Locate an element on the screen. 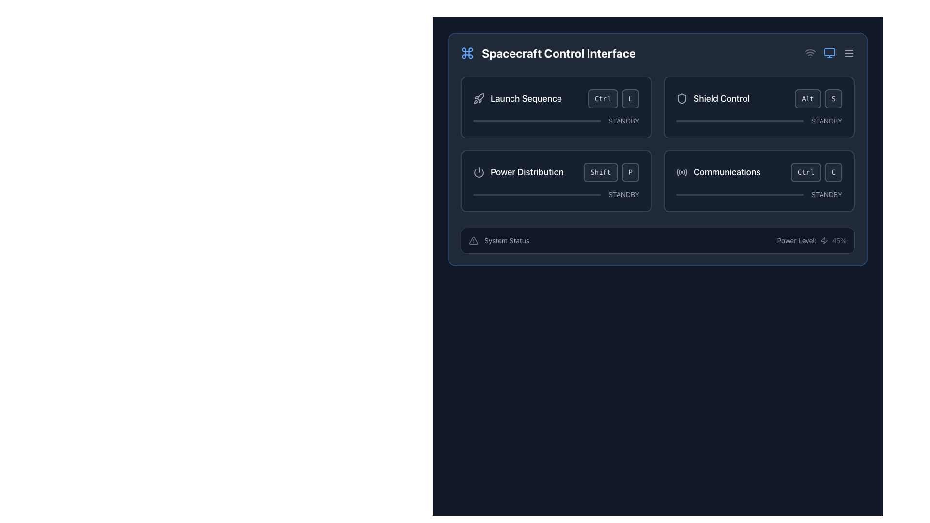  the control panel card at the top-left of the 2x2 grid in the 'Spacecraft Control Interface' to initiate the 'Launch Sequence' functionality by clicking the buttons 'Ctrl' or 'L' is located at coordinates (556, 108).